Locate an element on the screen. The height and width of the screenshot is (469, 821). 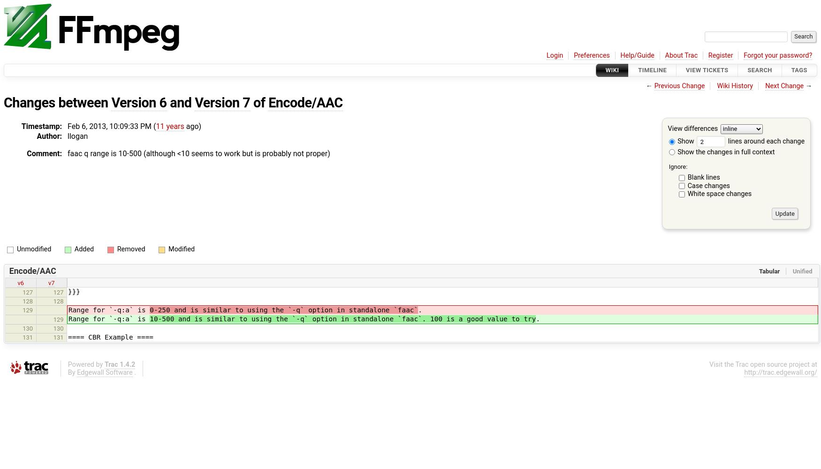
'By' is located at coordinates (72, 372).